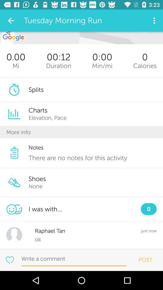 This screenshot has width=163, height=290. I want to click on the calories icon, so click(145, 66).